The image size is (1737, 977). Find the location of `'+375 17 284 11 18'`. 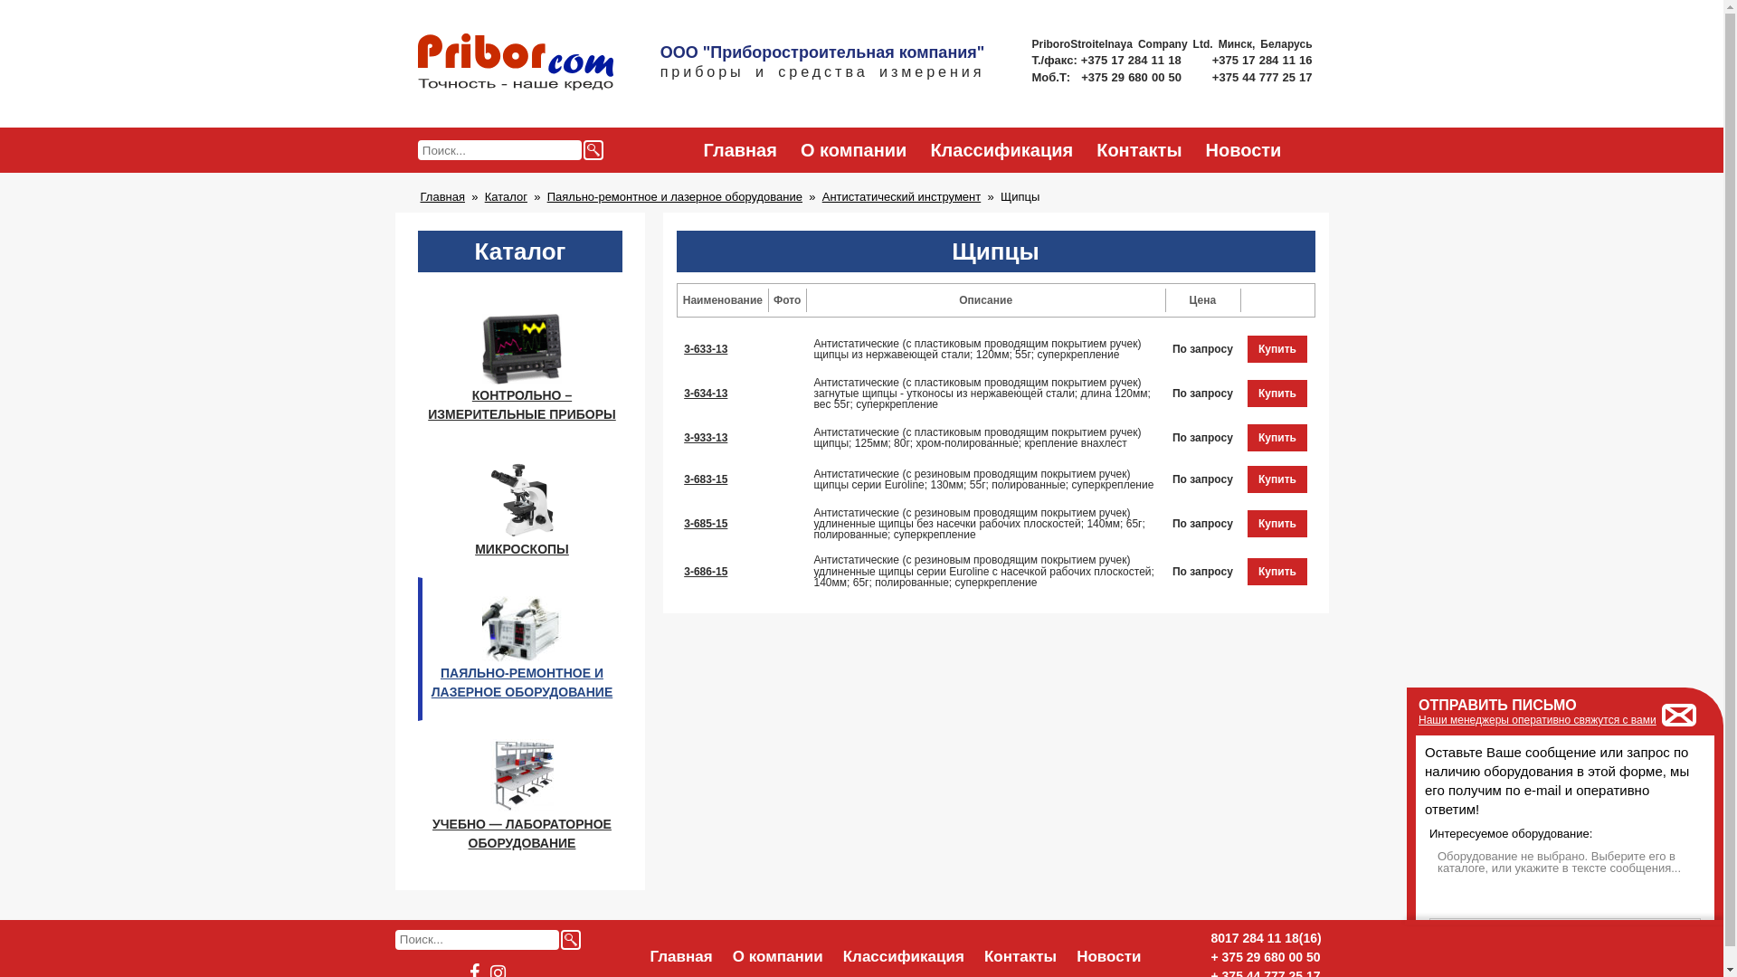

'+375 17 284 11 18' is located at coordinates (1132, 59).